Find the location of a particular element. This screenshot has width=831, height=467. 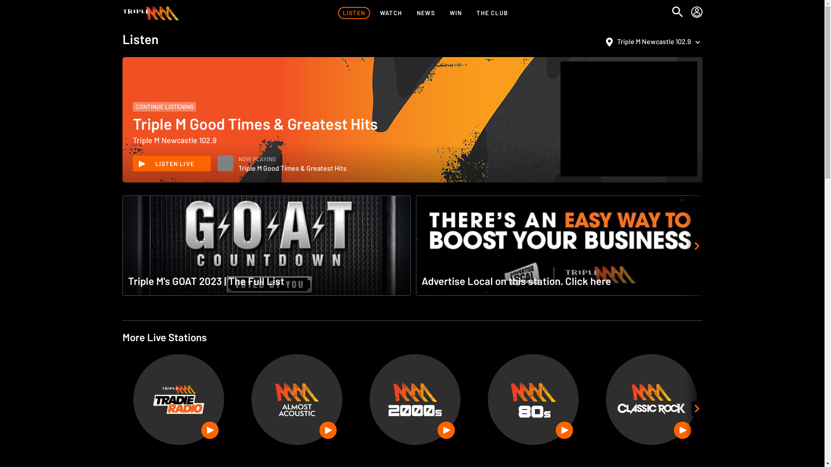

'THE CLUB' is located at coordinates (471, 13).